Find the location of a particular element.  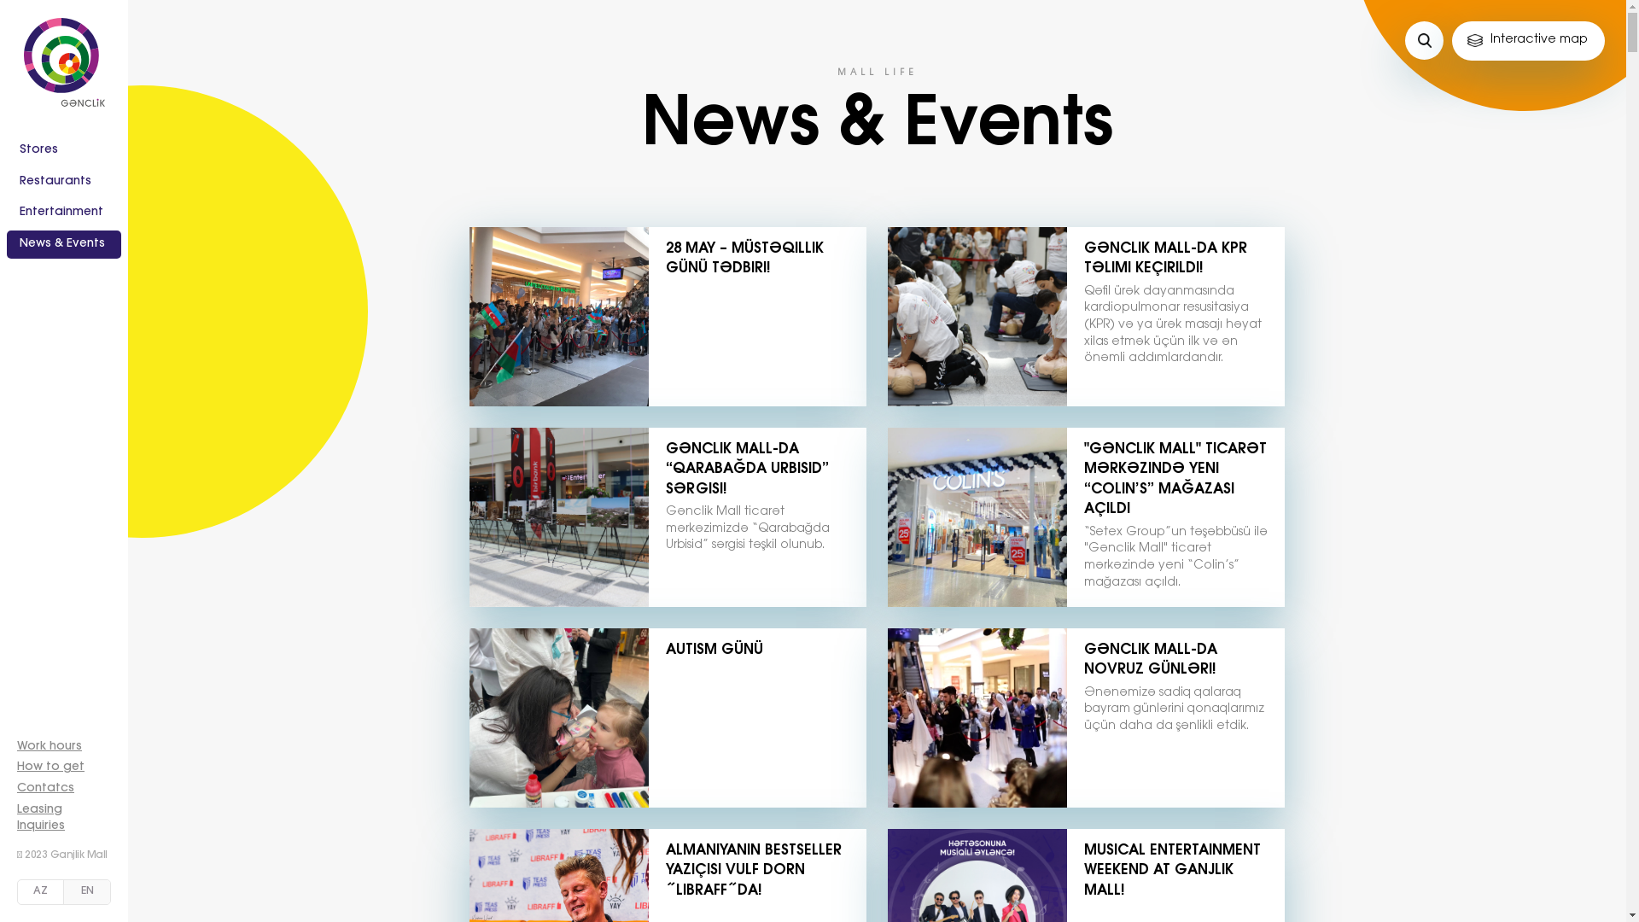

'News & Events' is located at coordinates (64, 244).